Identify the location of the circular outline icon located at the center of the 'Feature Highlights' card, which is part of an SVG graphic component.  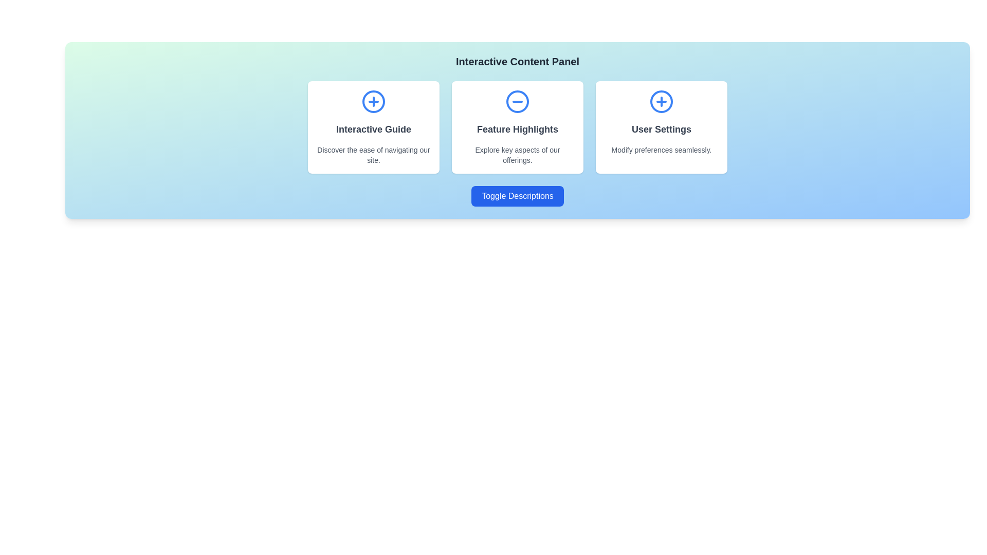
(518, 101).